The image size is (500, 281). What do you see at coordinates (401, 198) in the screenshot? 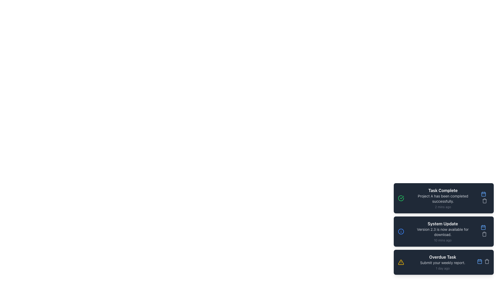
I see `the non-interactive status indicator icon located in the upper-left region of the first notification card, preceding the 'Task Complete' text` at bounding box center [401, 198].